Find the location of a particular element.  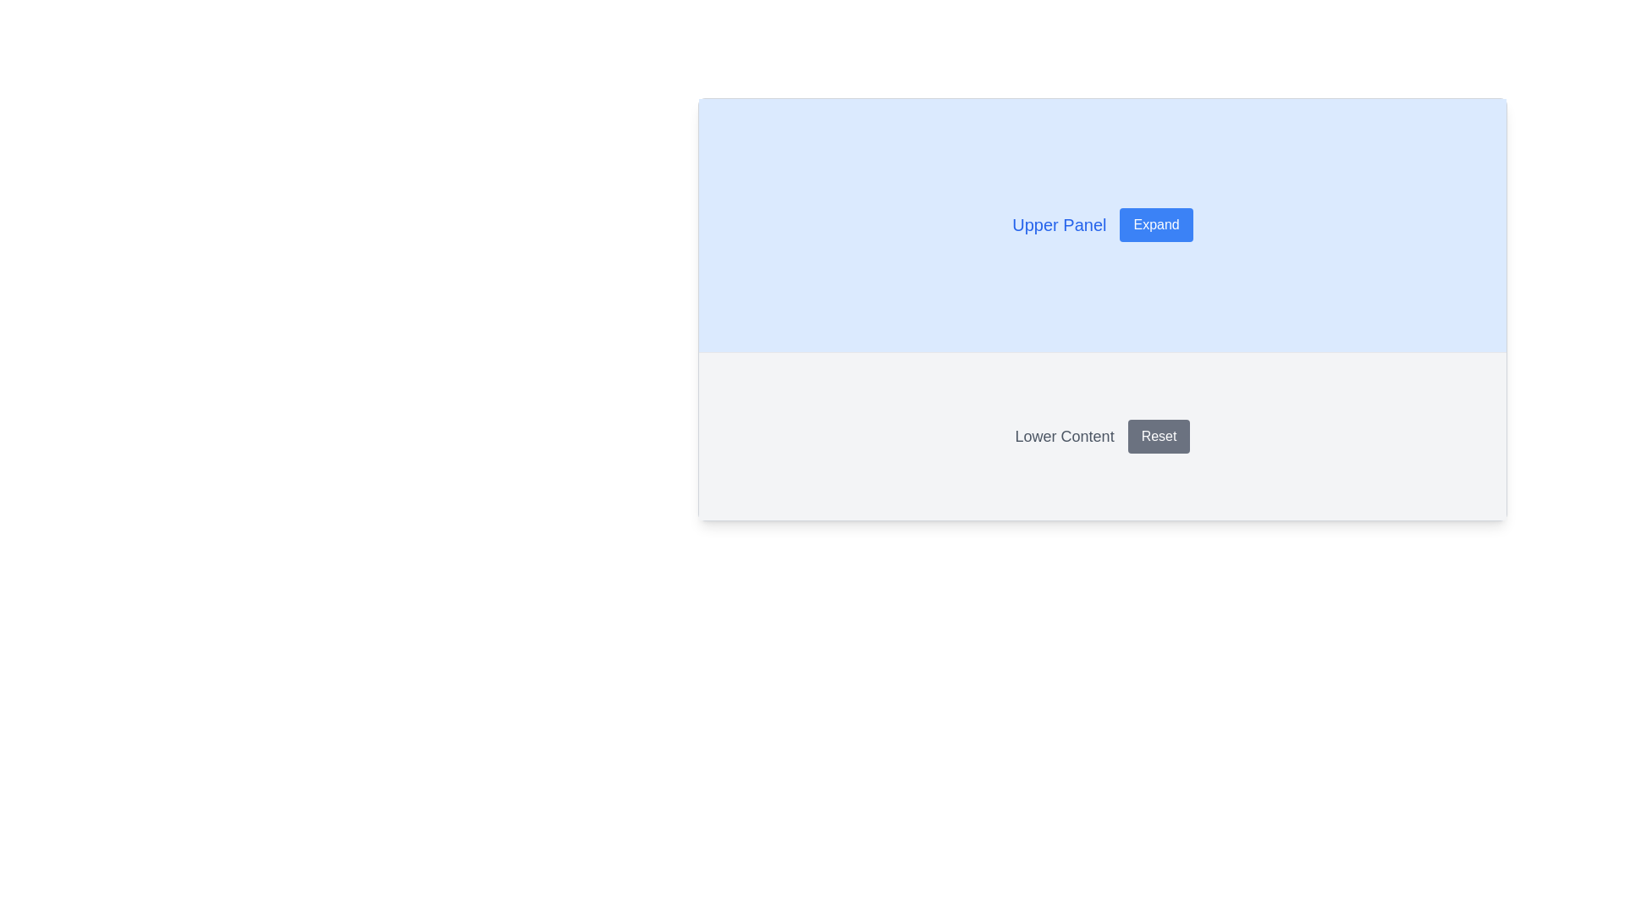

the reset configurations button located to the right of the 'Lower Content' label in the lower panel is located at coordinates (1158, 435).